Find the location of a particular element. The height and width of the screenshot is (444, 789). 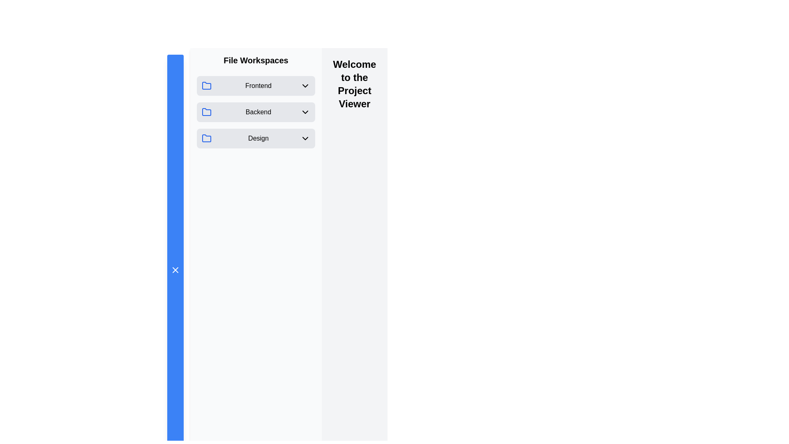

the second folder icon in the vertical list of folder icons in the sidebar, located below the 'Frontend' icon is located at coordinates (207, 112).